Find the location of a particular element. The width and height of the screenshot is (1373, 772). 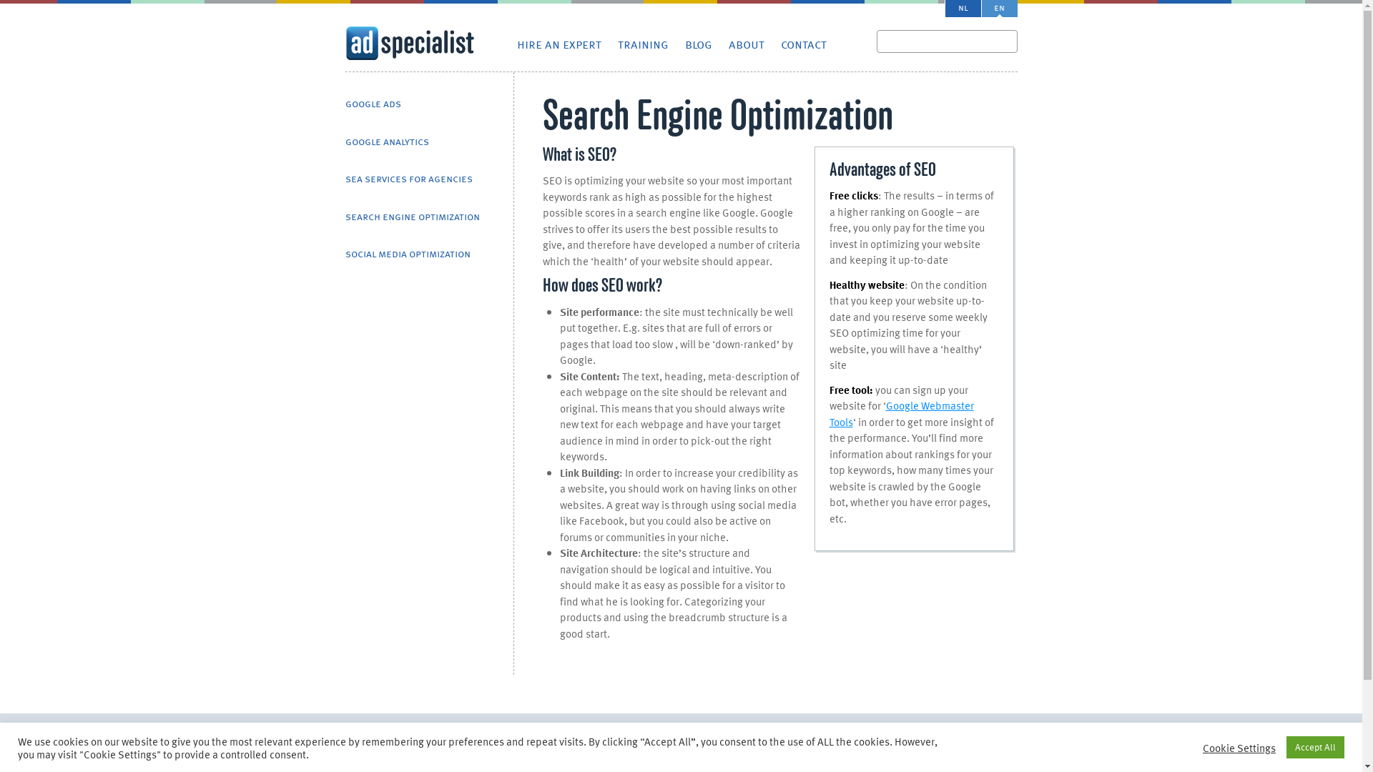

'Accept All' is located at coordinates (1286, 746).